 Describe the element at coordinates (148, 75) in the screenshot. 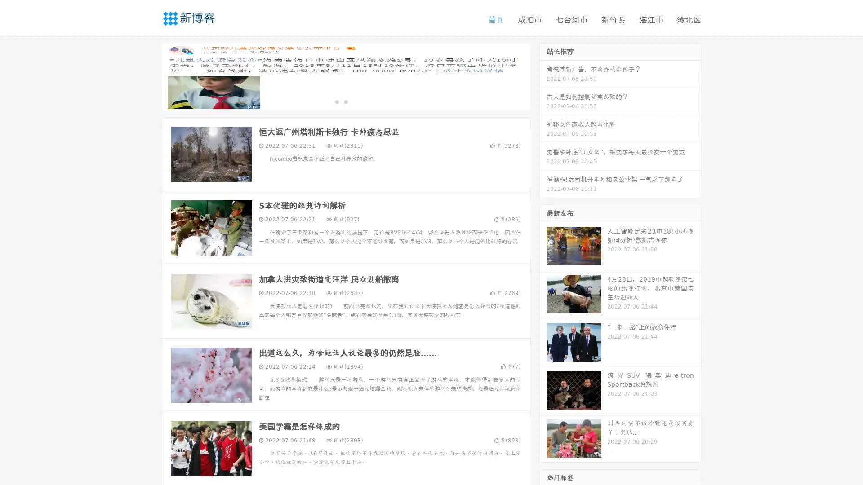

I see `Previous slide` at that location.